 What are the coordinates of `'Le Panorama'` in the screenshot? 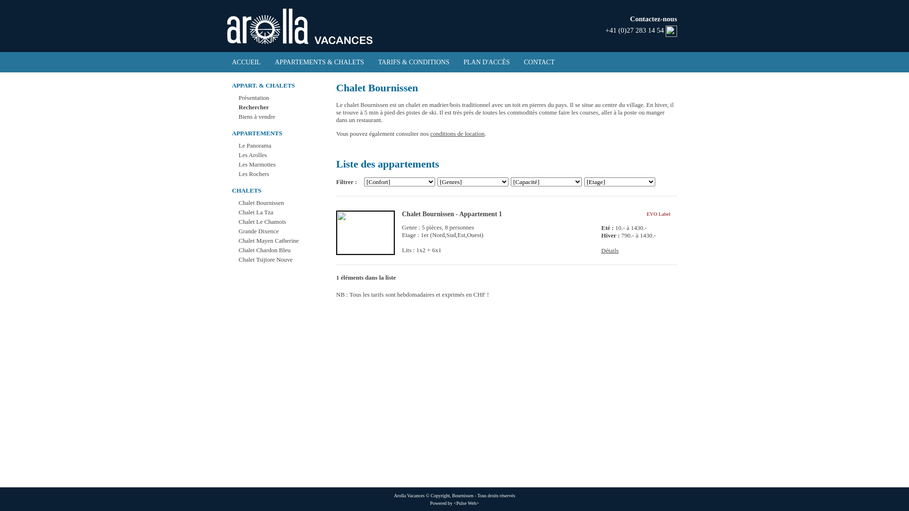 It's located at (255, 145).